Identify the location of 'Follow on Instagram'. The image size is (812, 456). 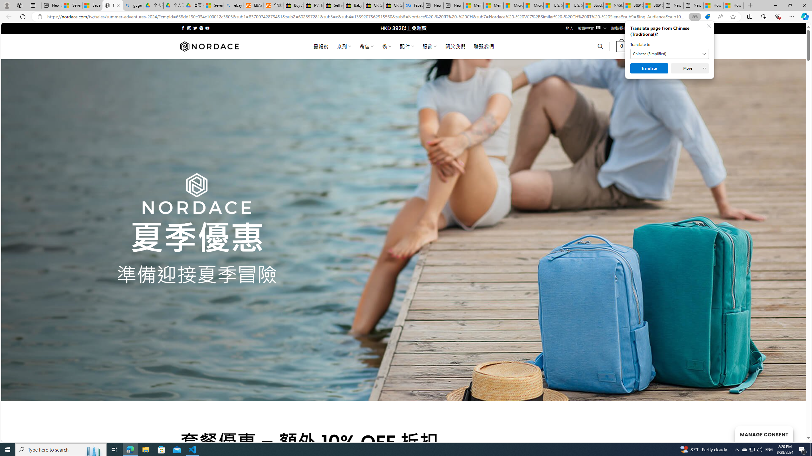
(189, 28).